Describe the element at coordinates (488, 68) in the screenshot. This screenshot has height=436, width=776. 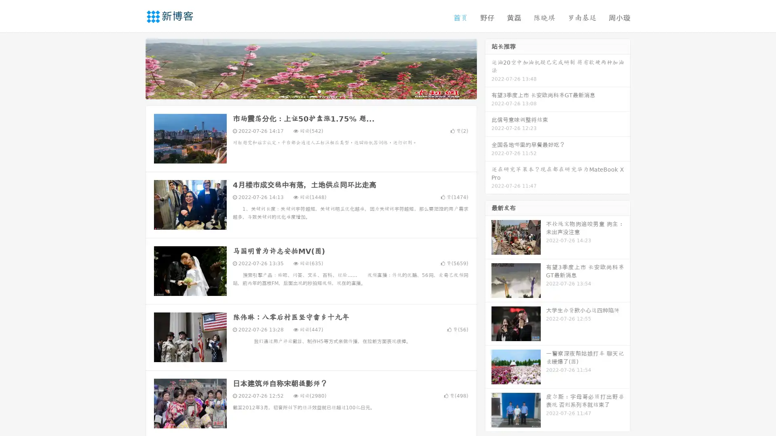
I see `Next slide` at that location.